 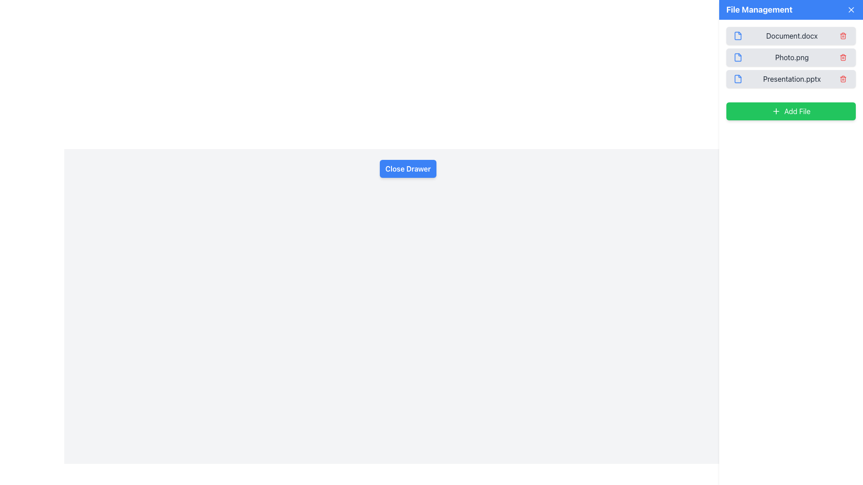 What do you see at coordinates (759, 10) in the screenshot?
I see `text from the 'File Management' label, which is prominently displayed in bold, white font on a blue background in the top section of the sidebar` at bounding box center [759, 10].